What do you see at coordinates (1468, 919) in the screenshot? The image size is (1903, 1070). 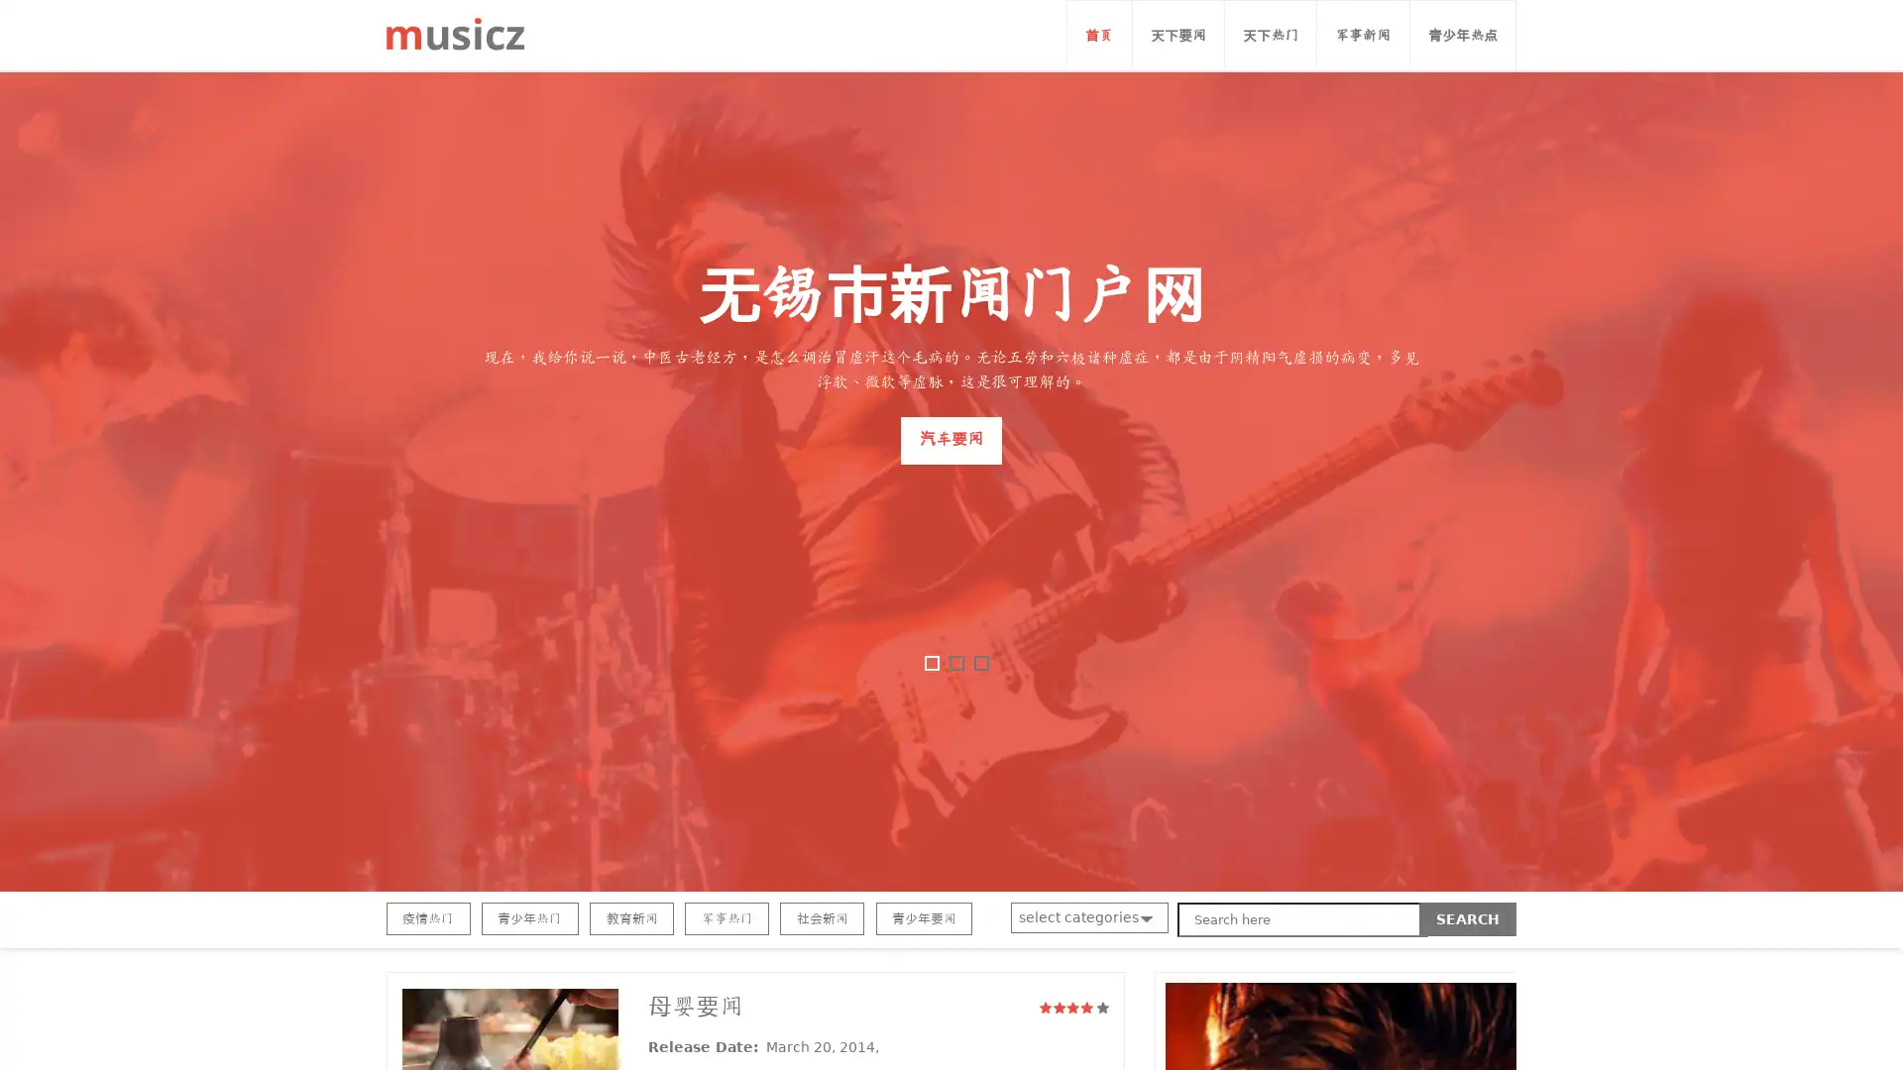 I see `search` at bounding box center [1468, 919].